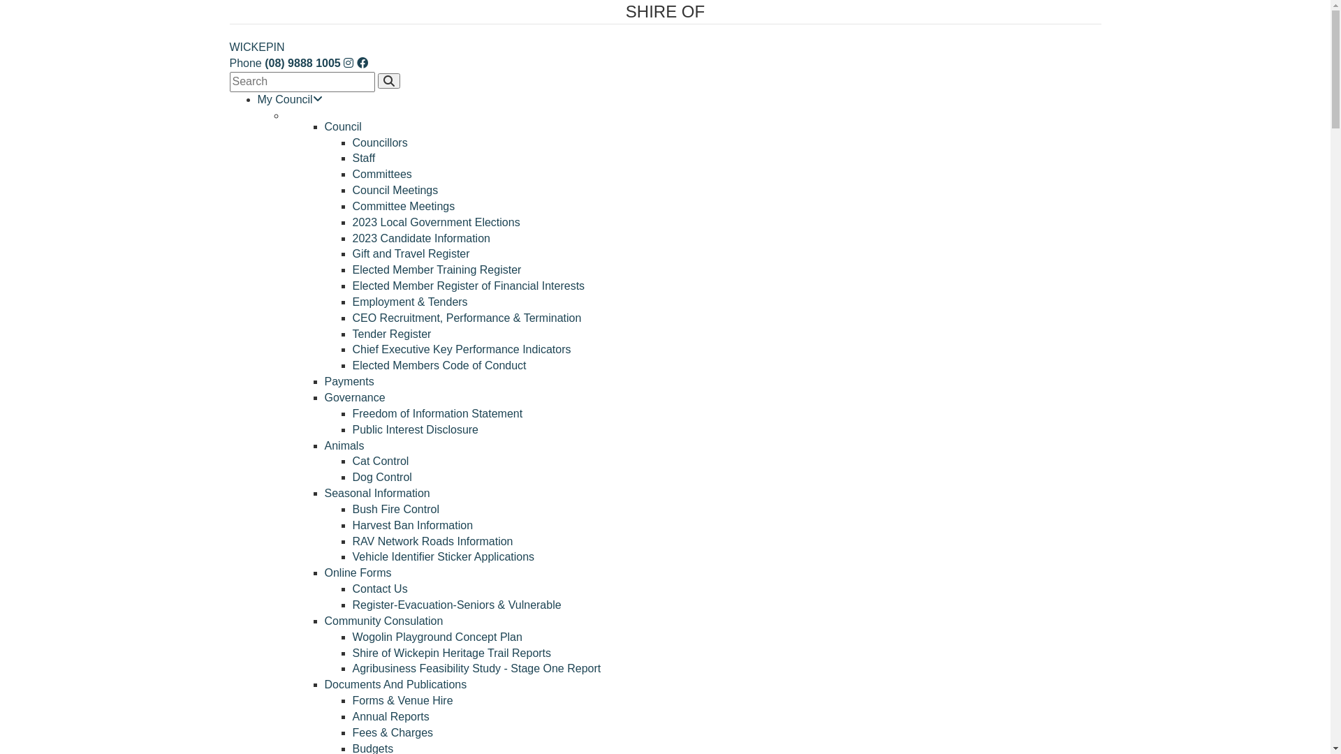 Image resolution: width=1341 pixels, height=754 pixels. What do you see at coordinates (466, 318) in the screenshot?
I see `'CEO Recruitment, Performance & Termination'` at bounding box center [466, 318].